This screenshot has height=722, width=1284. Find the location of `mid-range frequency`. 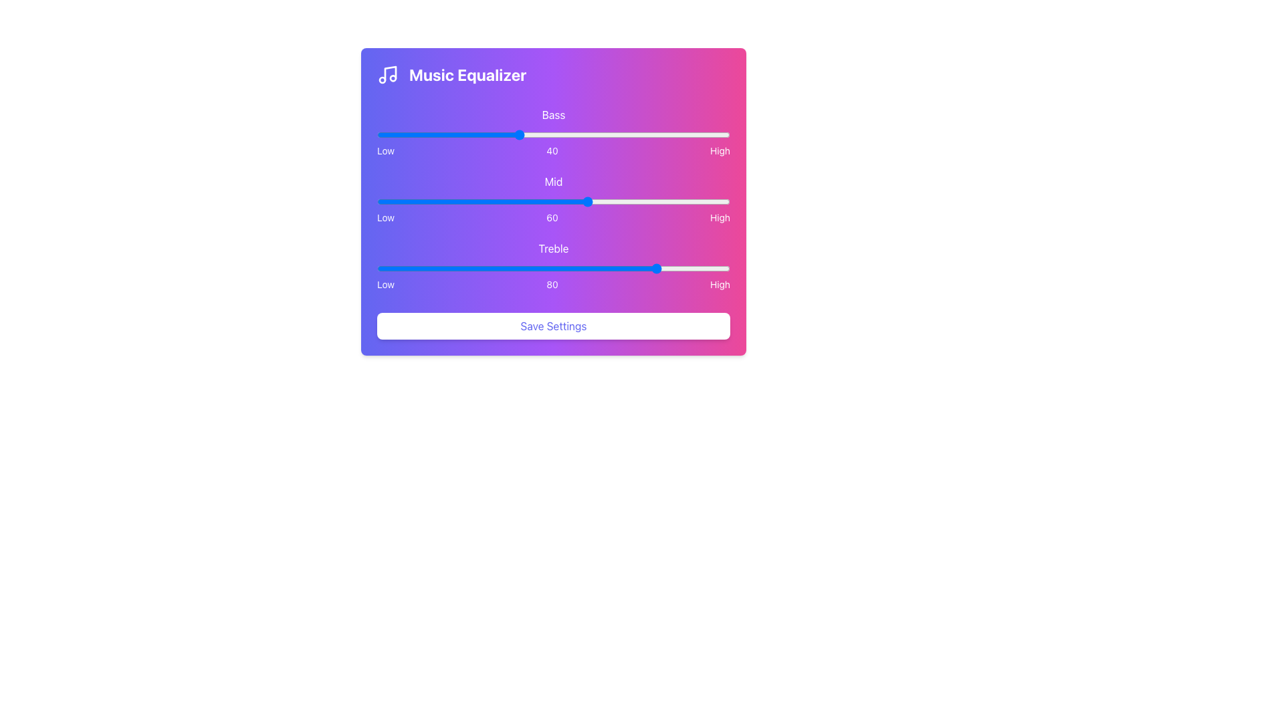

mid-range frequency is located at coordinates (500, 201).